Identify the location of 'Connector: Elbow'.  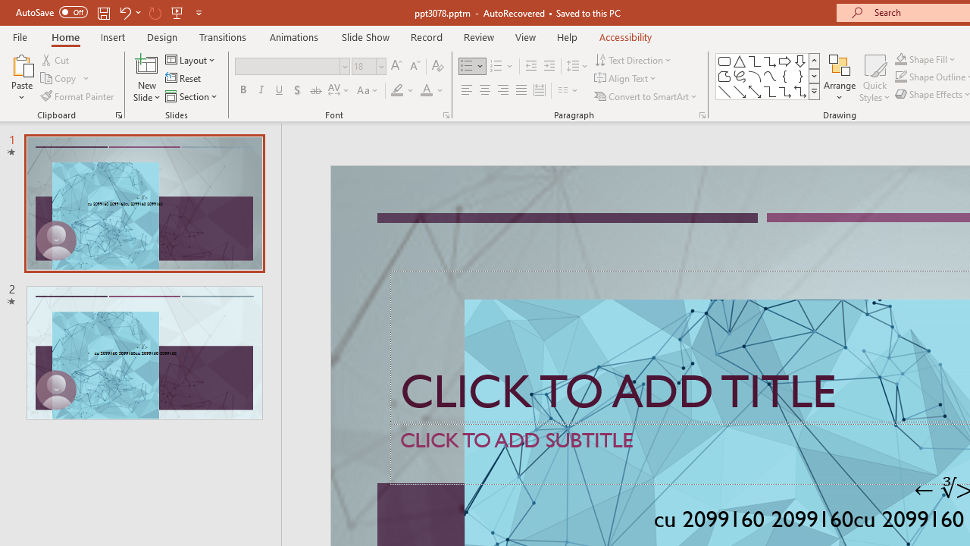
(770, 91).